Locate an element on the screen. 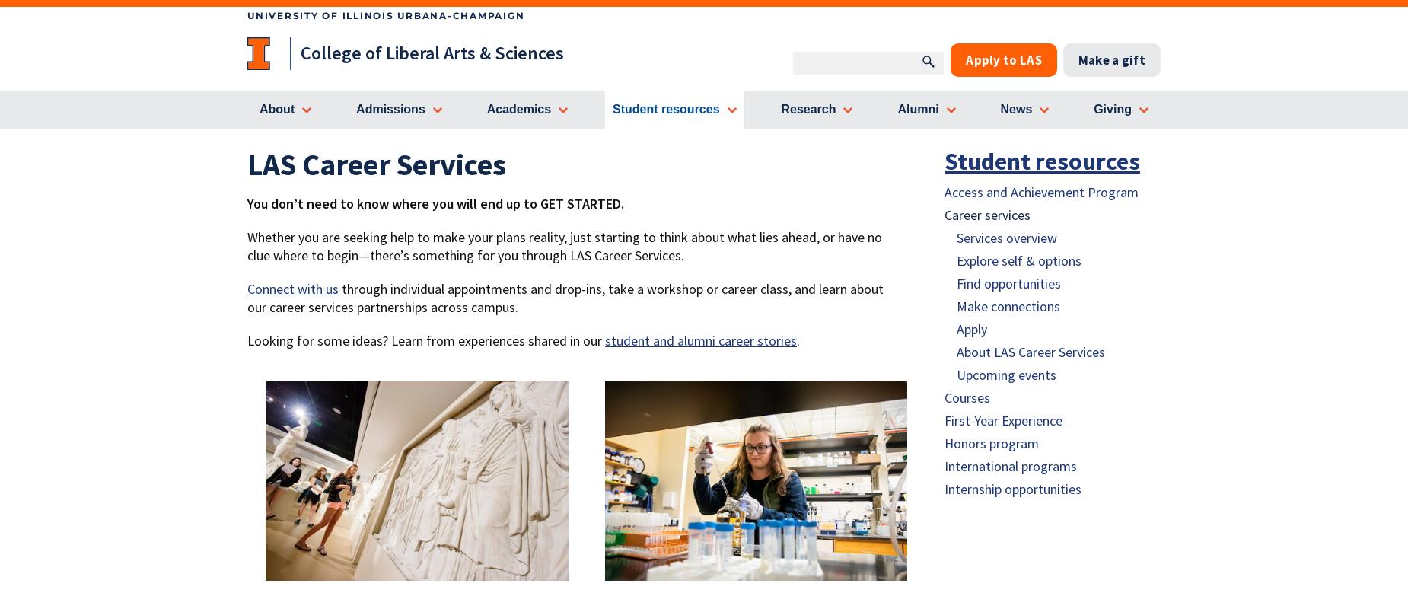 This screenshot has height=593, width=1408. 'You don’t need to know where you will end up to GET STARTED.' is located at coordinates (435, 202).